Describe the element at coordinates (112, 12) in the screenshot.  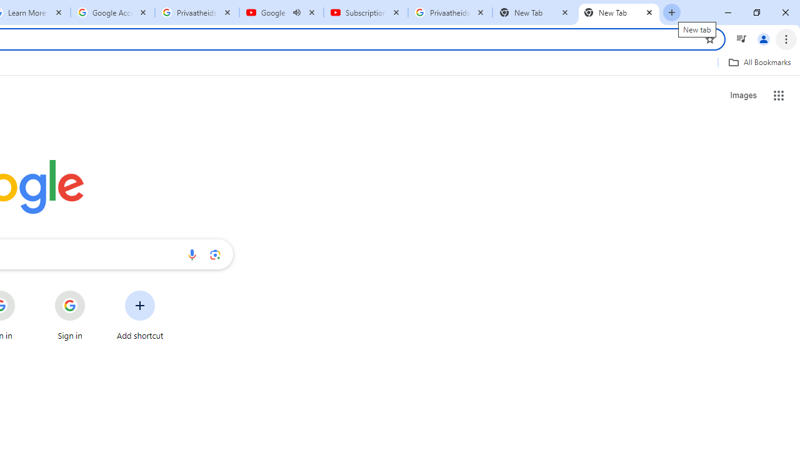
I see `'Google Account'` at that location.